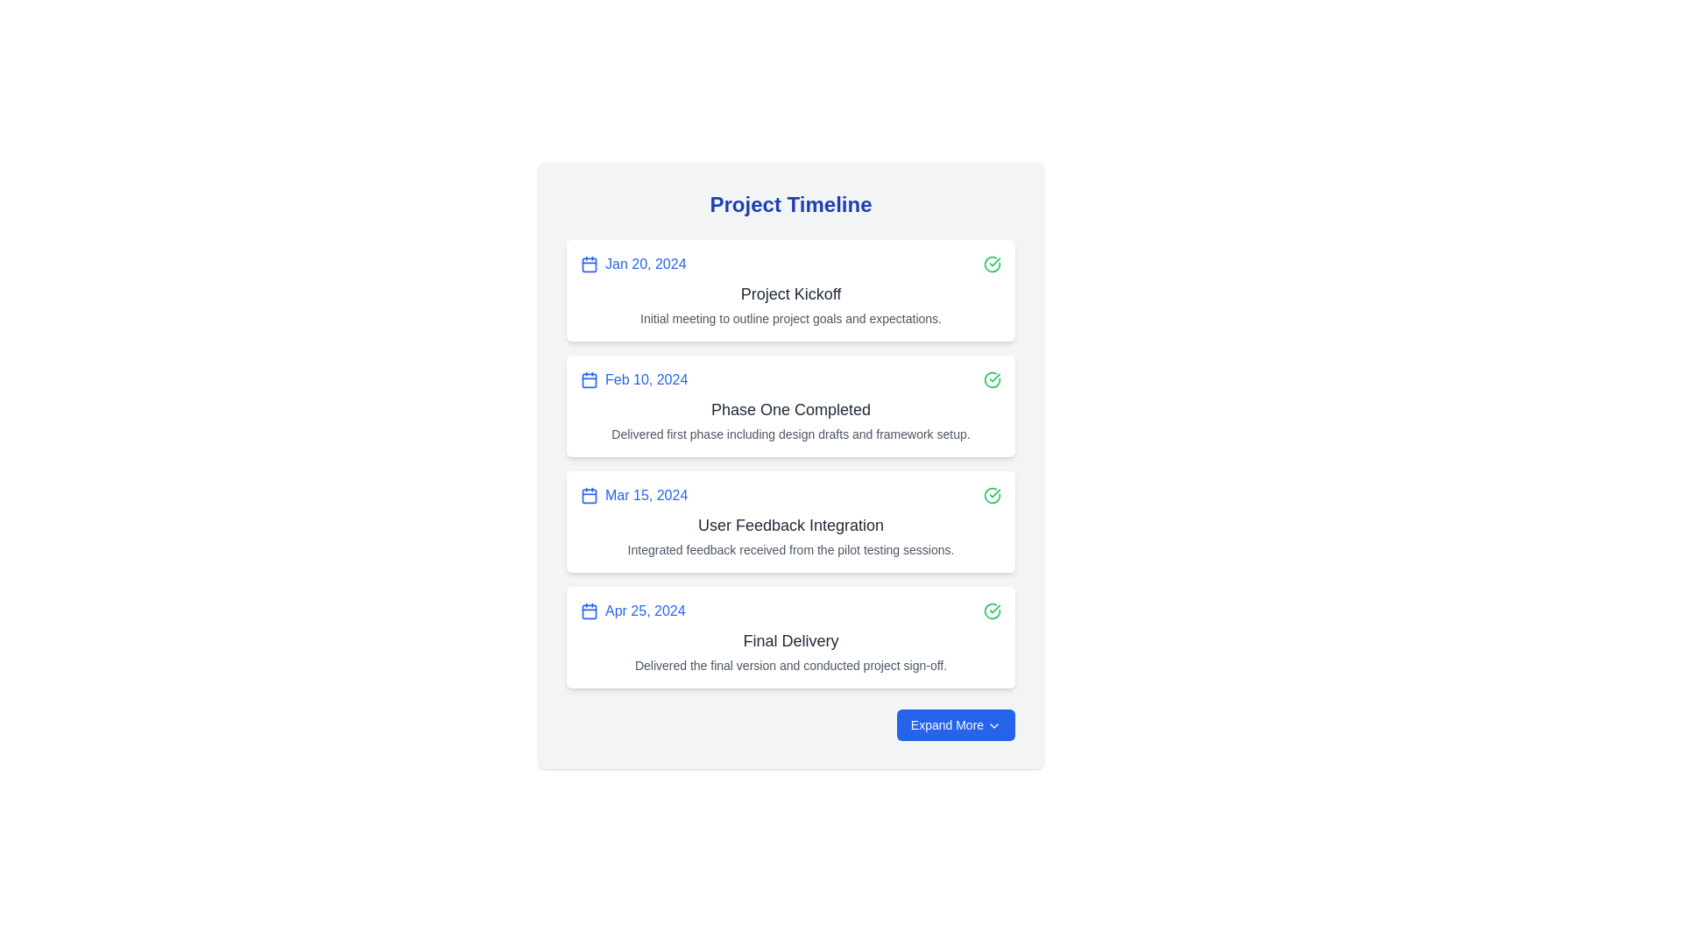  I want to click on the third Card Item, so click(789, 521).